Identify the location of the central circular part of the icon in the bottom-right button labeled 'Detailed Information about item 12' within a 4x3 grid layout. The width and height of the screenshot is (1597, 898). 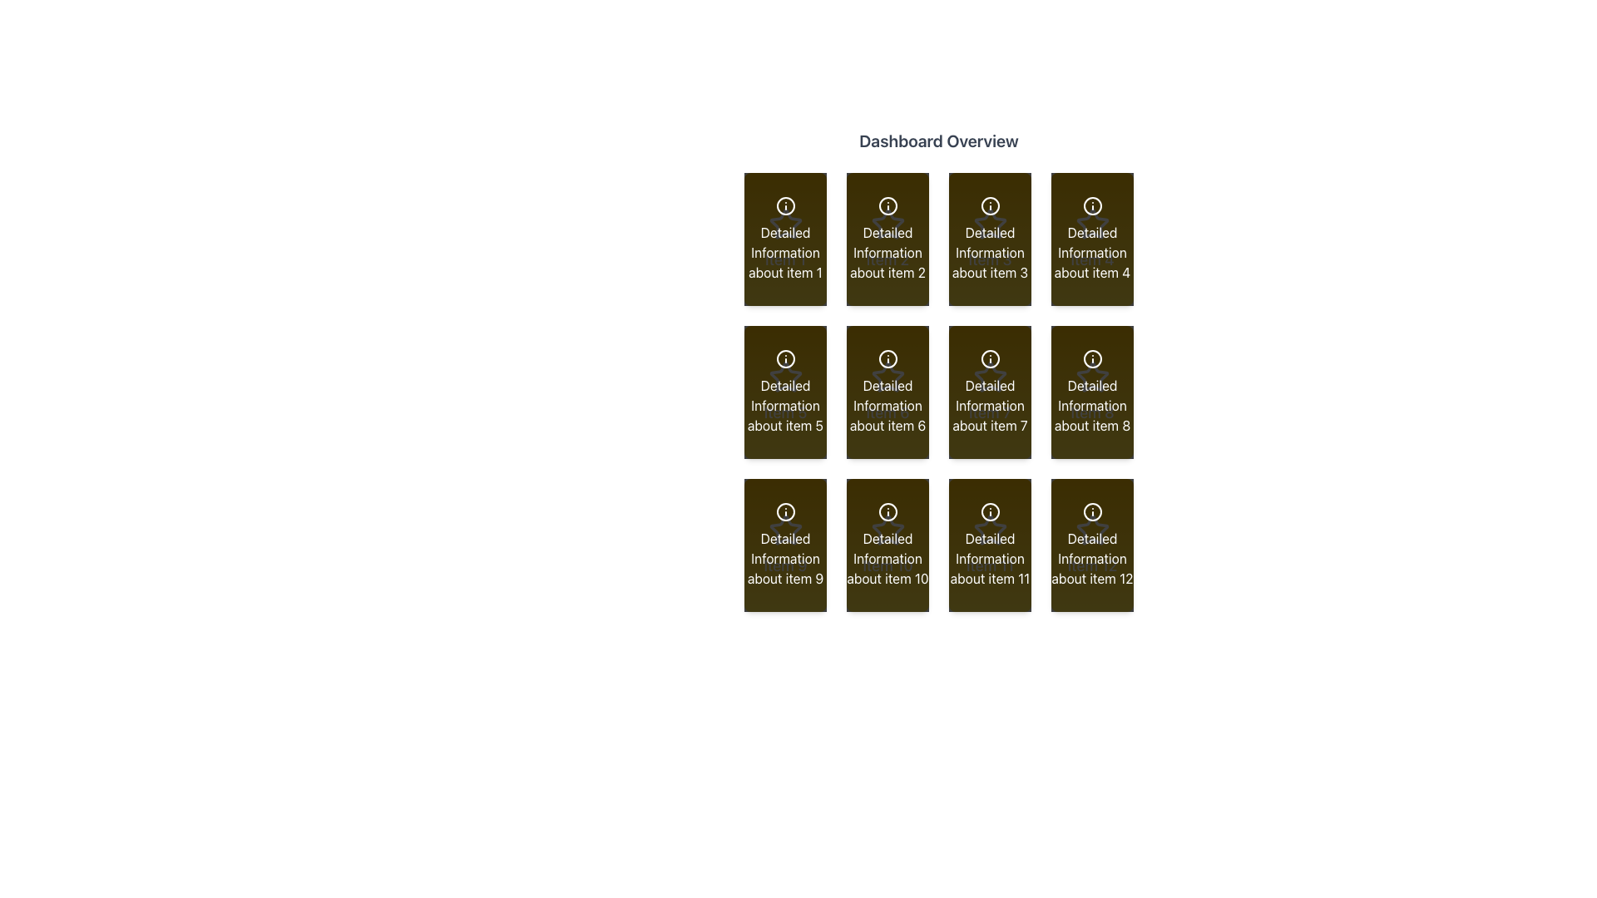
(1092, 511).